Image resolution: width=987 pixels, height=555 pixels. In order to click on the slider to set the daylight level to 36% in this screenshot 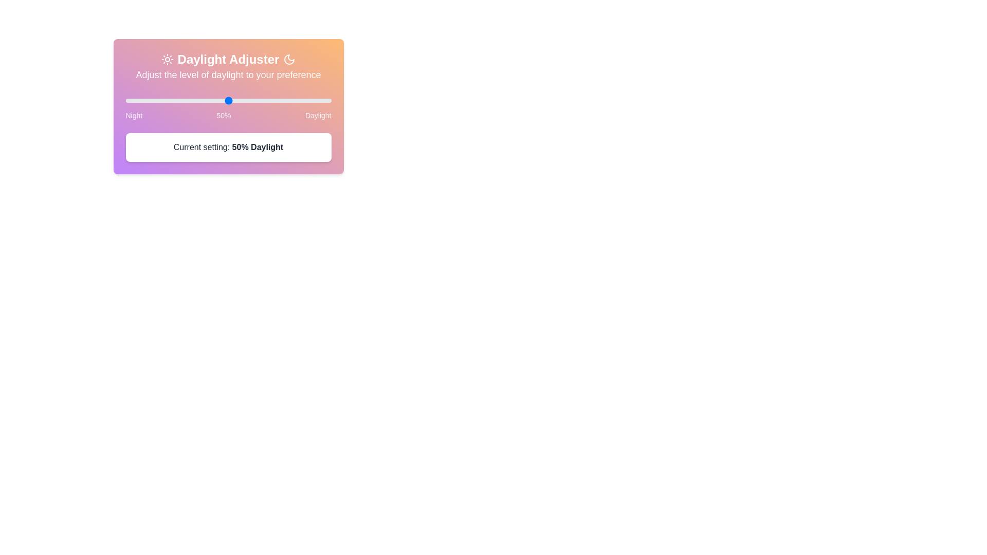, I will do `click(125, 101)`.